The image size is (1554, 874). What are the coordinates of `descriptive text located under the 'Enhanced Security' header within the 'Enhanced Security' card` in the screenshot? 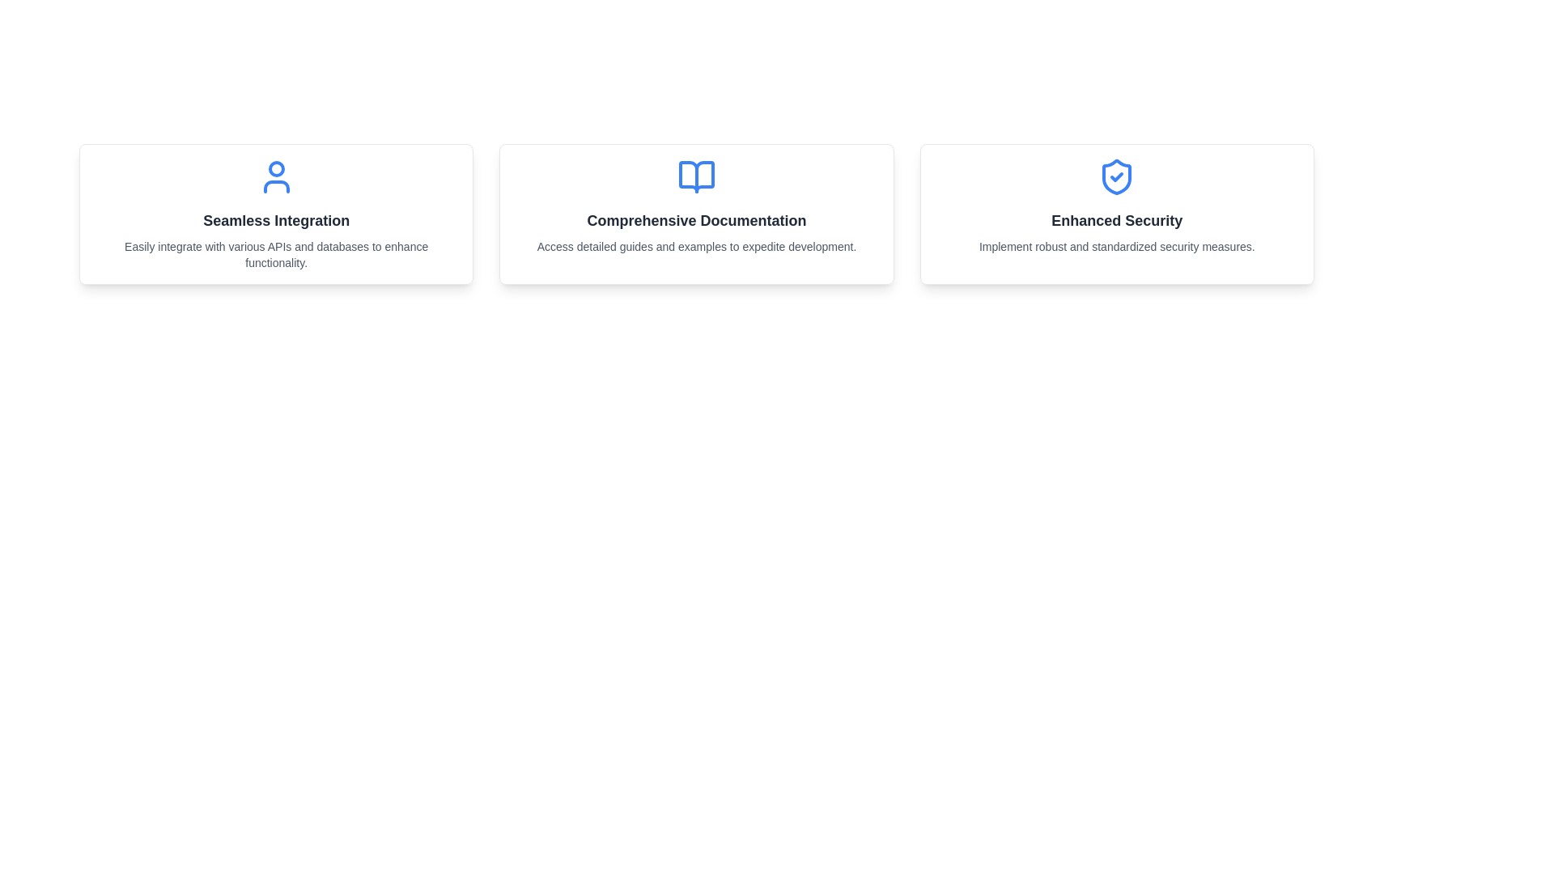 It's located at (1116, 246).